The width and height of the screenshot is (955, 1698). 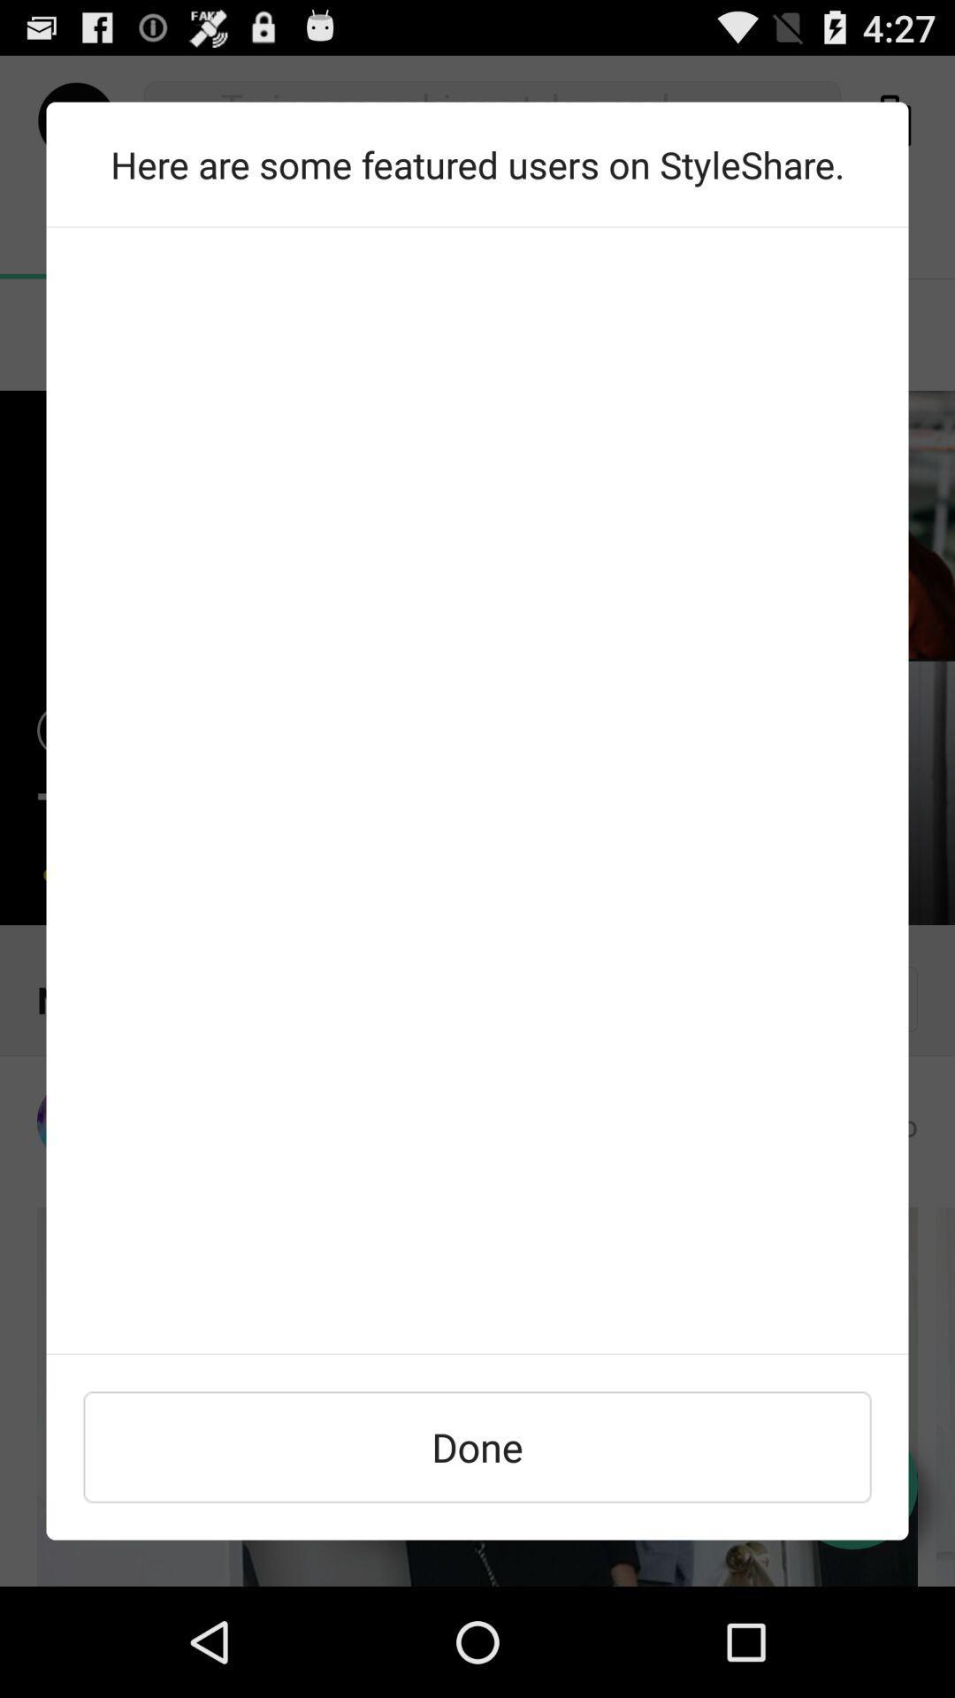 What do you see at coordinates (477, 1447) in the screenshot?
I see `done icon` at bounding box center [477, 1447].